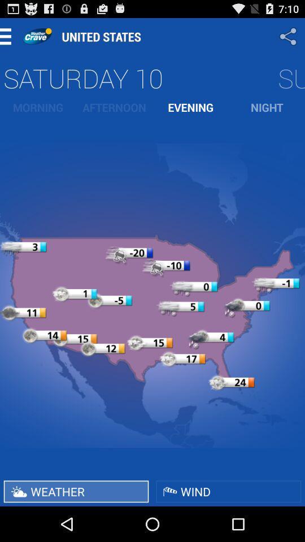 The height and width of the screenshot is (542, 305). I want to click on the weather icon, so click(76, 491).